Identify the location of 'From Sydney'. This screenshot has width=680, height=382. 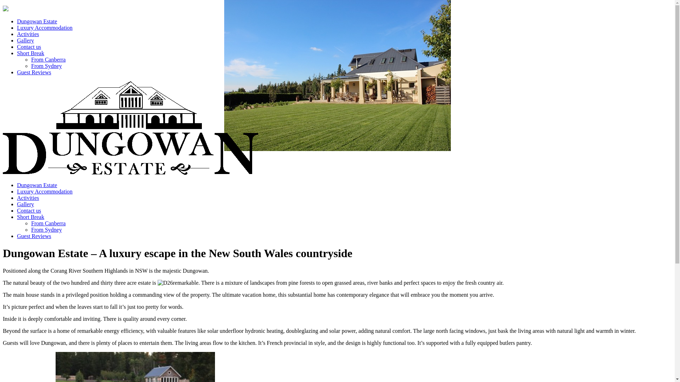
(30, 66).